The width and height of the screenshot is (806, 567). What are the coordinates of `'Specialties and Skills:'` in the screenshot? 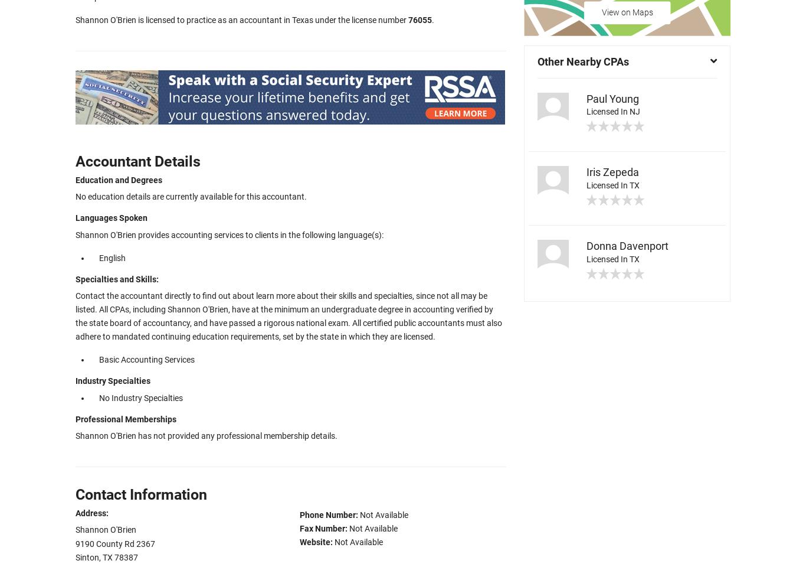 It's located at (116, 279).